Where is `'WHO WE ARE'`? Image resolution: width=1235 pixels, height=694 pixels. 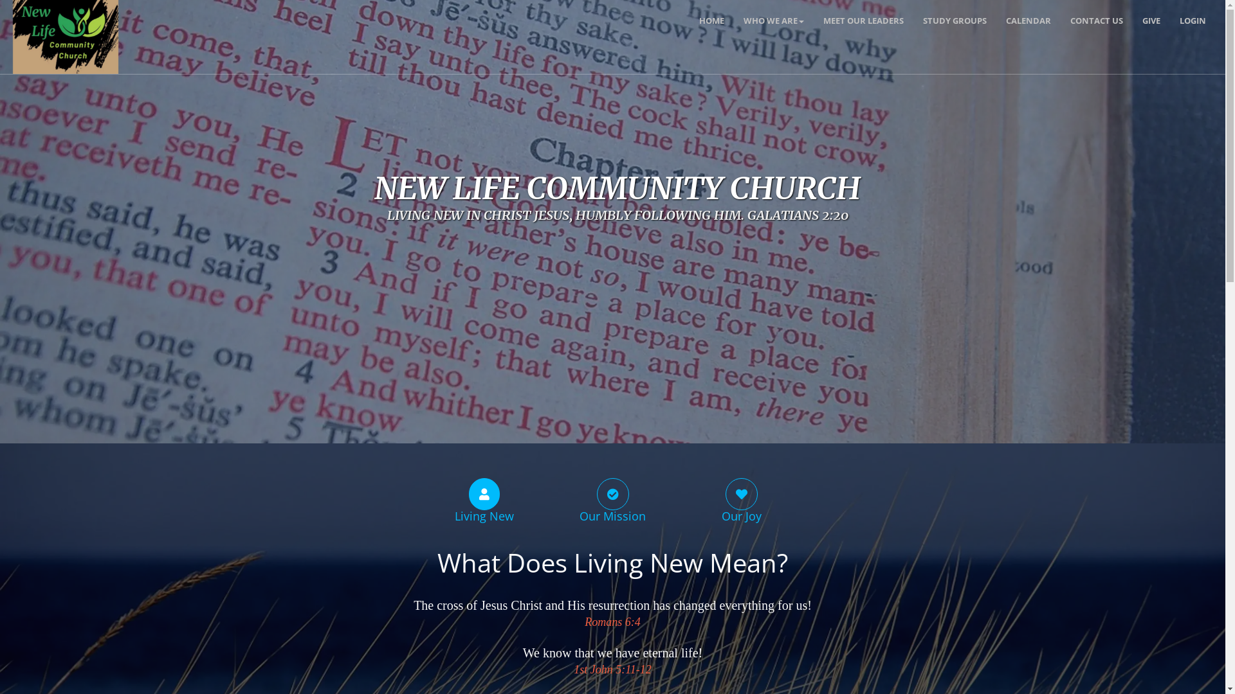 'WHO WE ARE' is located at coordinates (773, 20).